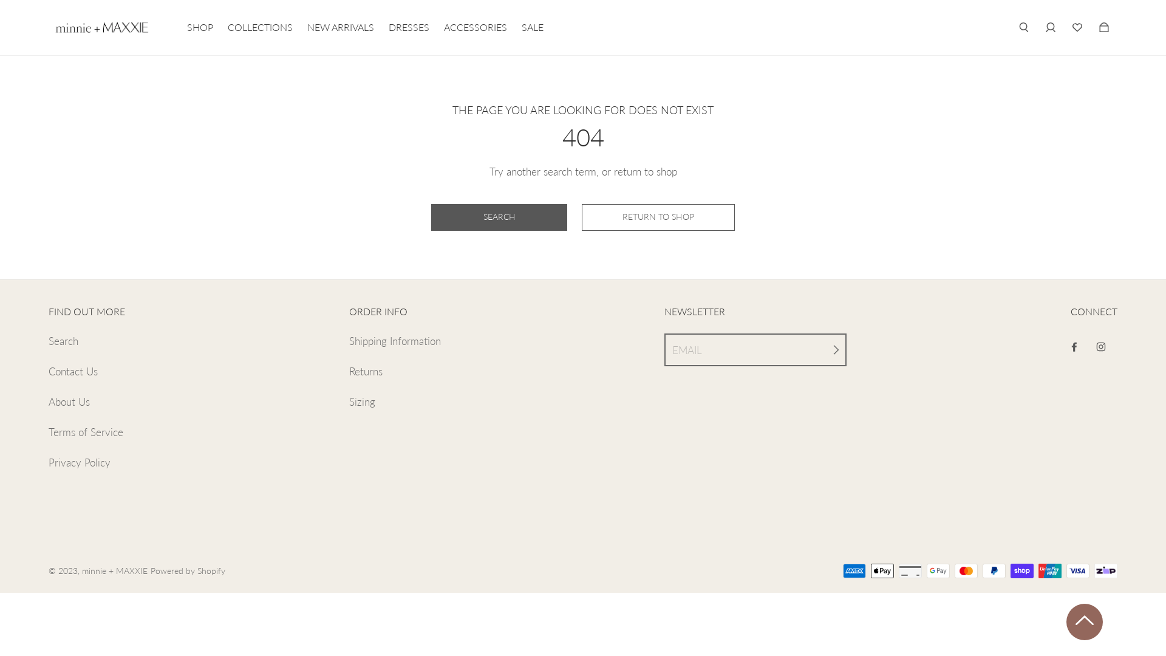  What do you see at coordinates (259, 27) in the screenshot?
I see `'COLLECTIONS'` at bounding box center [259, 27].